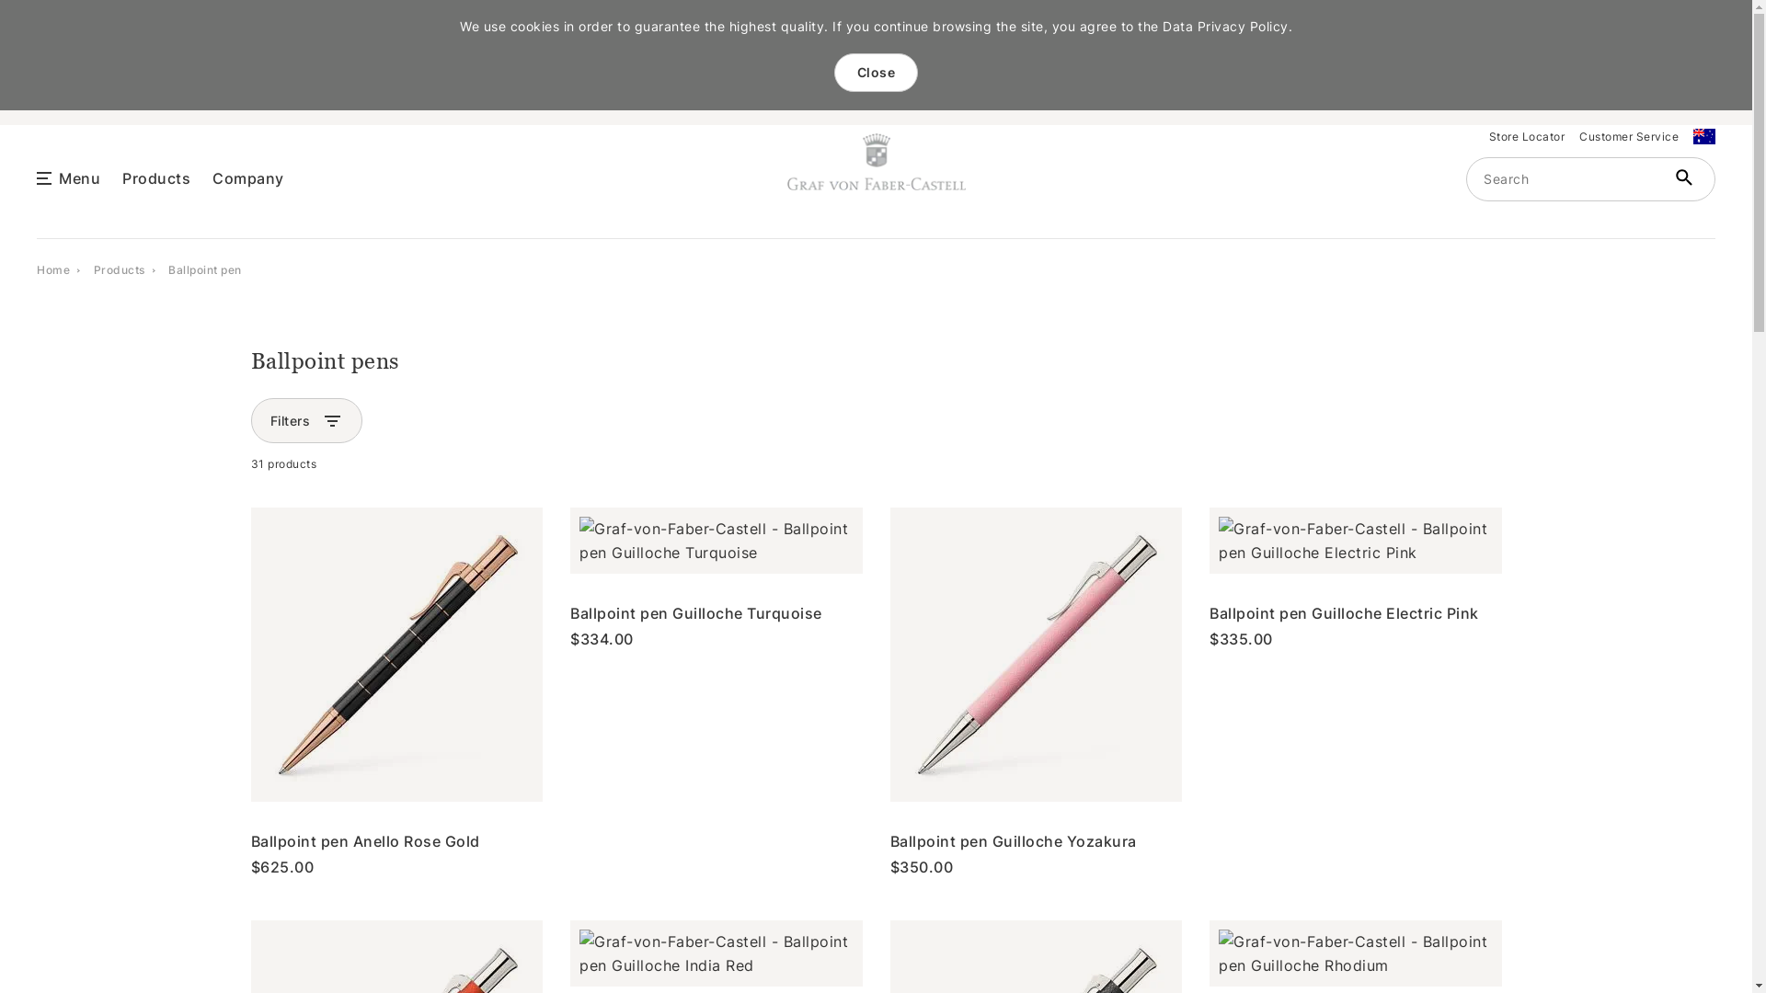  Describe the element at coordinates (155, 177) in the screenshot. I see `'Products'` at that location.